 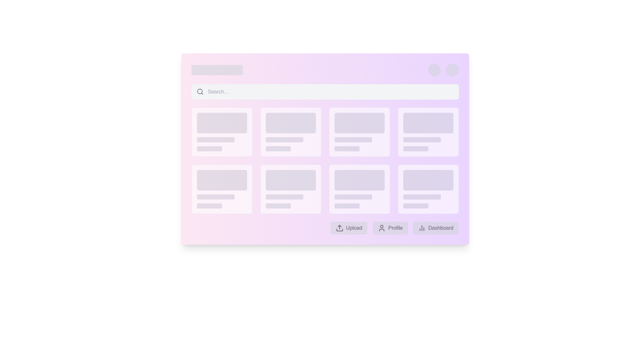 What do you see at coordinates (390, 227) in the screenshot?
I see `the 'Profile' button located at the bottom-right side of the interface, which is the second button in a horizontal group of buttons` at bounding box center [390, 227].